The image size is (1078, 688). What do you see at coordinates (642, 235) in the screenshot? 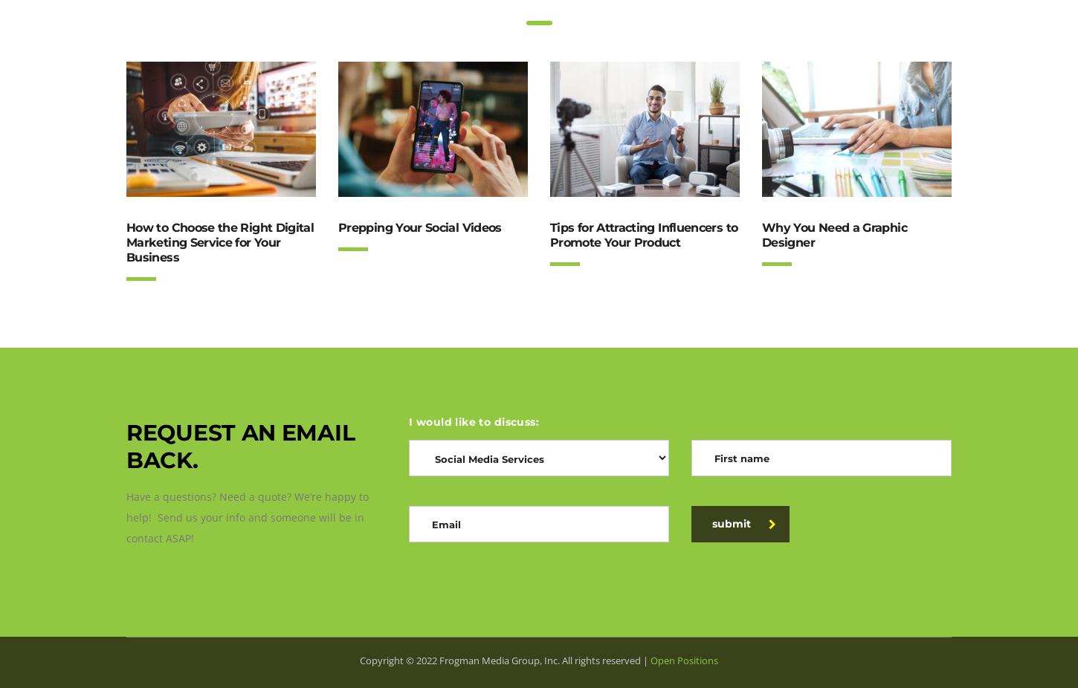
I see `'Tips for Attracting Influencers to Promote Your Product'` at bounding box center [642, 235].